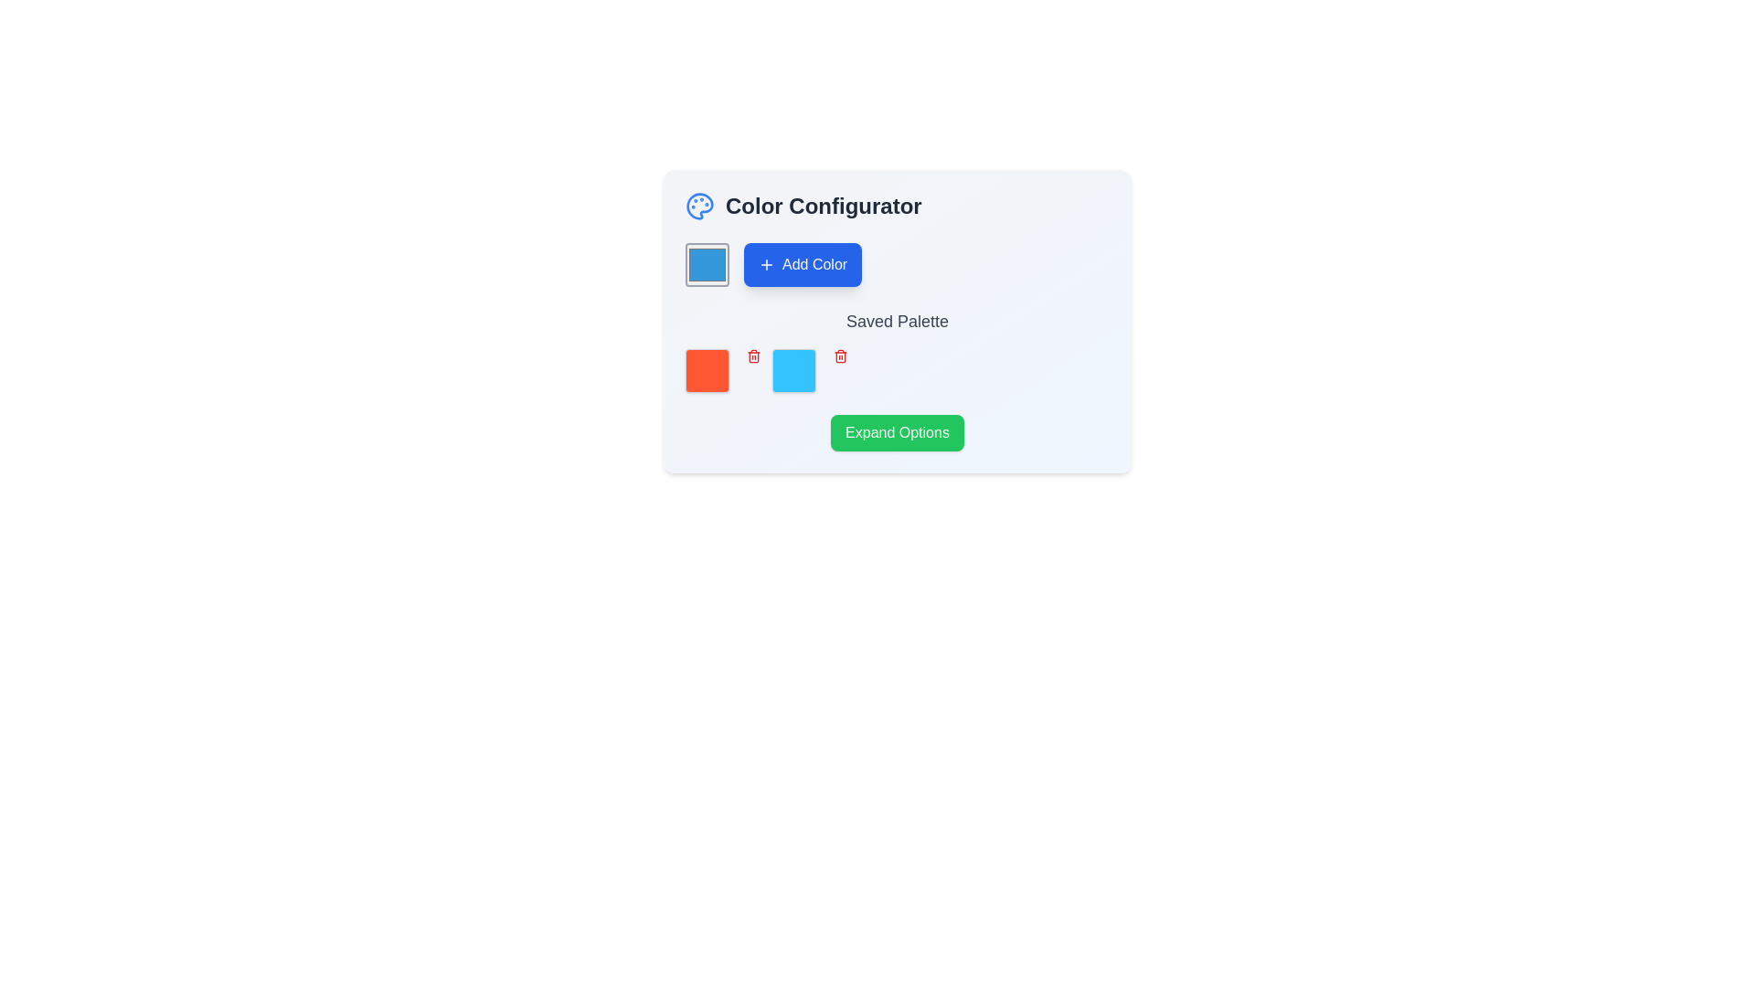 The height and width of the screenshot is (987, 1755). What do you see at coordinates (754, 356) in the screenshot?
I see `the delete button located at the top-right corner of the blue color box in the 'Saved Palette' section` at bounding box center [754, 356].